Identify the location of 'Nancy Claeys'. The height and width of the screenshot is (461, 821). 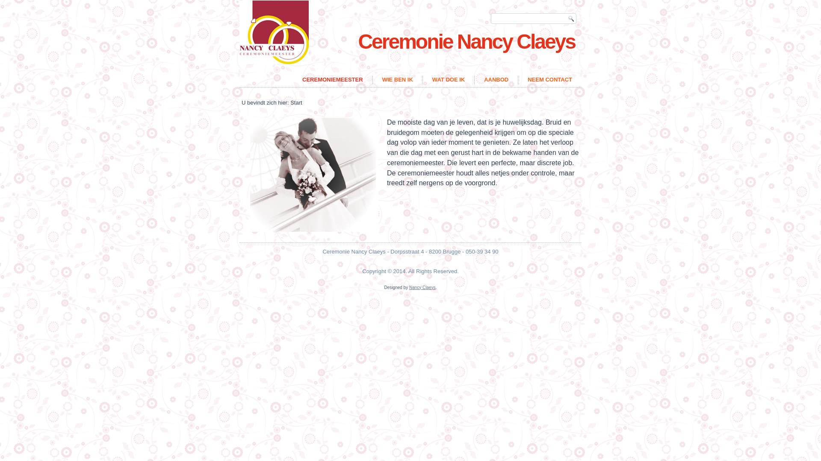
(422, 287).